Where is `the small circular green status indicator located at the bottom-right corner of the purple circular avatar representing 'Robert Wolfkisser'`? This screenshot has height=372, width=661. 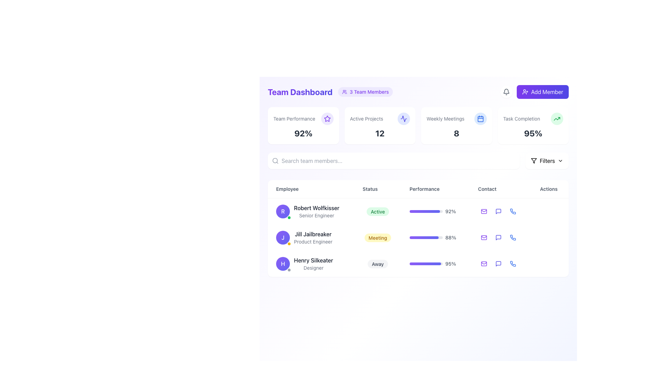 the small circular green status indicator located at the bottom-right corner of the purple circular avatar representing 'Robert Wolfkisser' is located at coordinates (289, 218).